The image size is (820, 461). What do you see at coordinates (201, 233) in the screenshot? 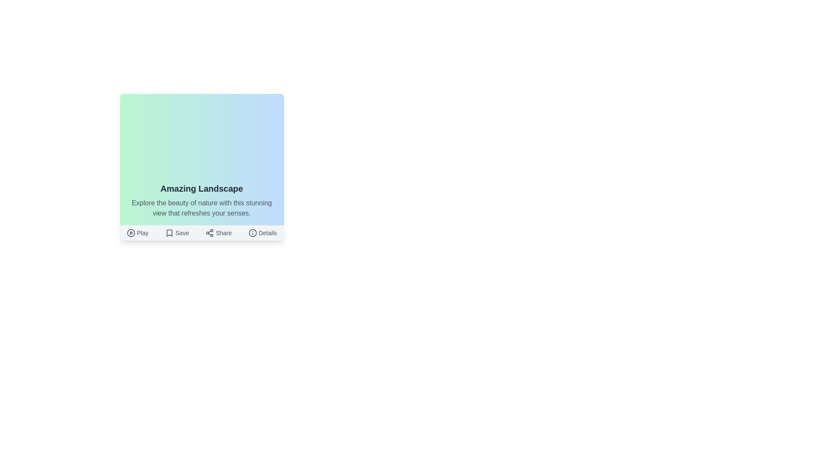
I see `the 'Share' section of the Interactive toolbar located at the bottom of the card to share the content` at bounding box center [201, 233].